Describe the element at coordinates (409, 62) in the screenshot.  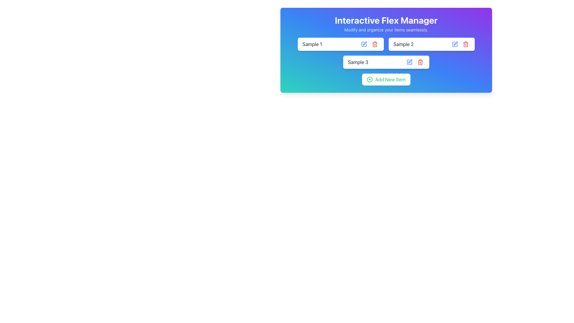
I see `the blue icon depicting a pen, which represents the edit function for 'Sample 3'` at that location.